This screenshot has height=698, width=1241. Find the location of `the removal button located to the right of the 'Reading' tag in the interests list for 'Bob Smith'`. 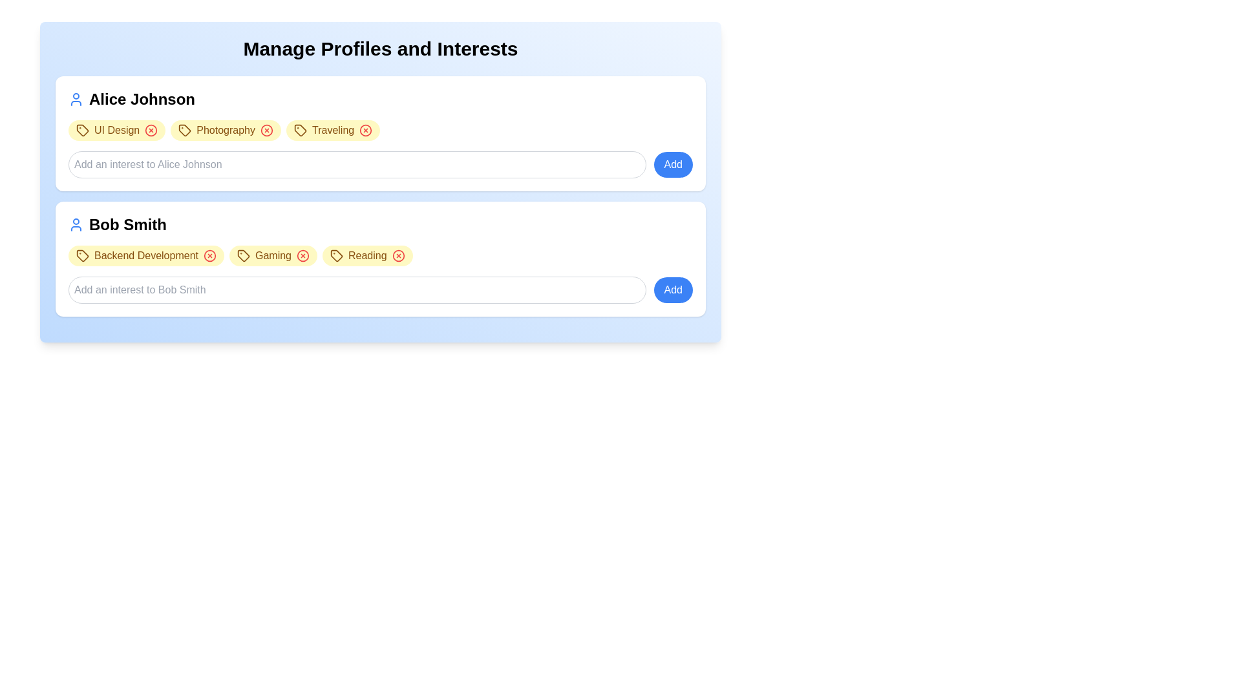

the removal button located to the right of the 'Reading' tag in the interests list for 'Bob Smith' is located at coordinates (398, 256).